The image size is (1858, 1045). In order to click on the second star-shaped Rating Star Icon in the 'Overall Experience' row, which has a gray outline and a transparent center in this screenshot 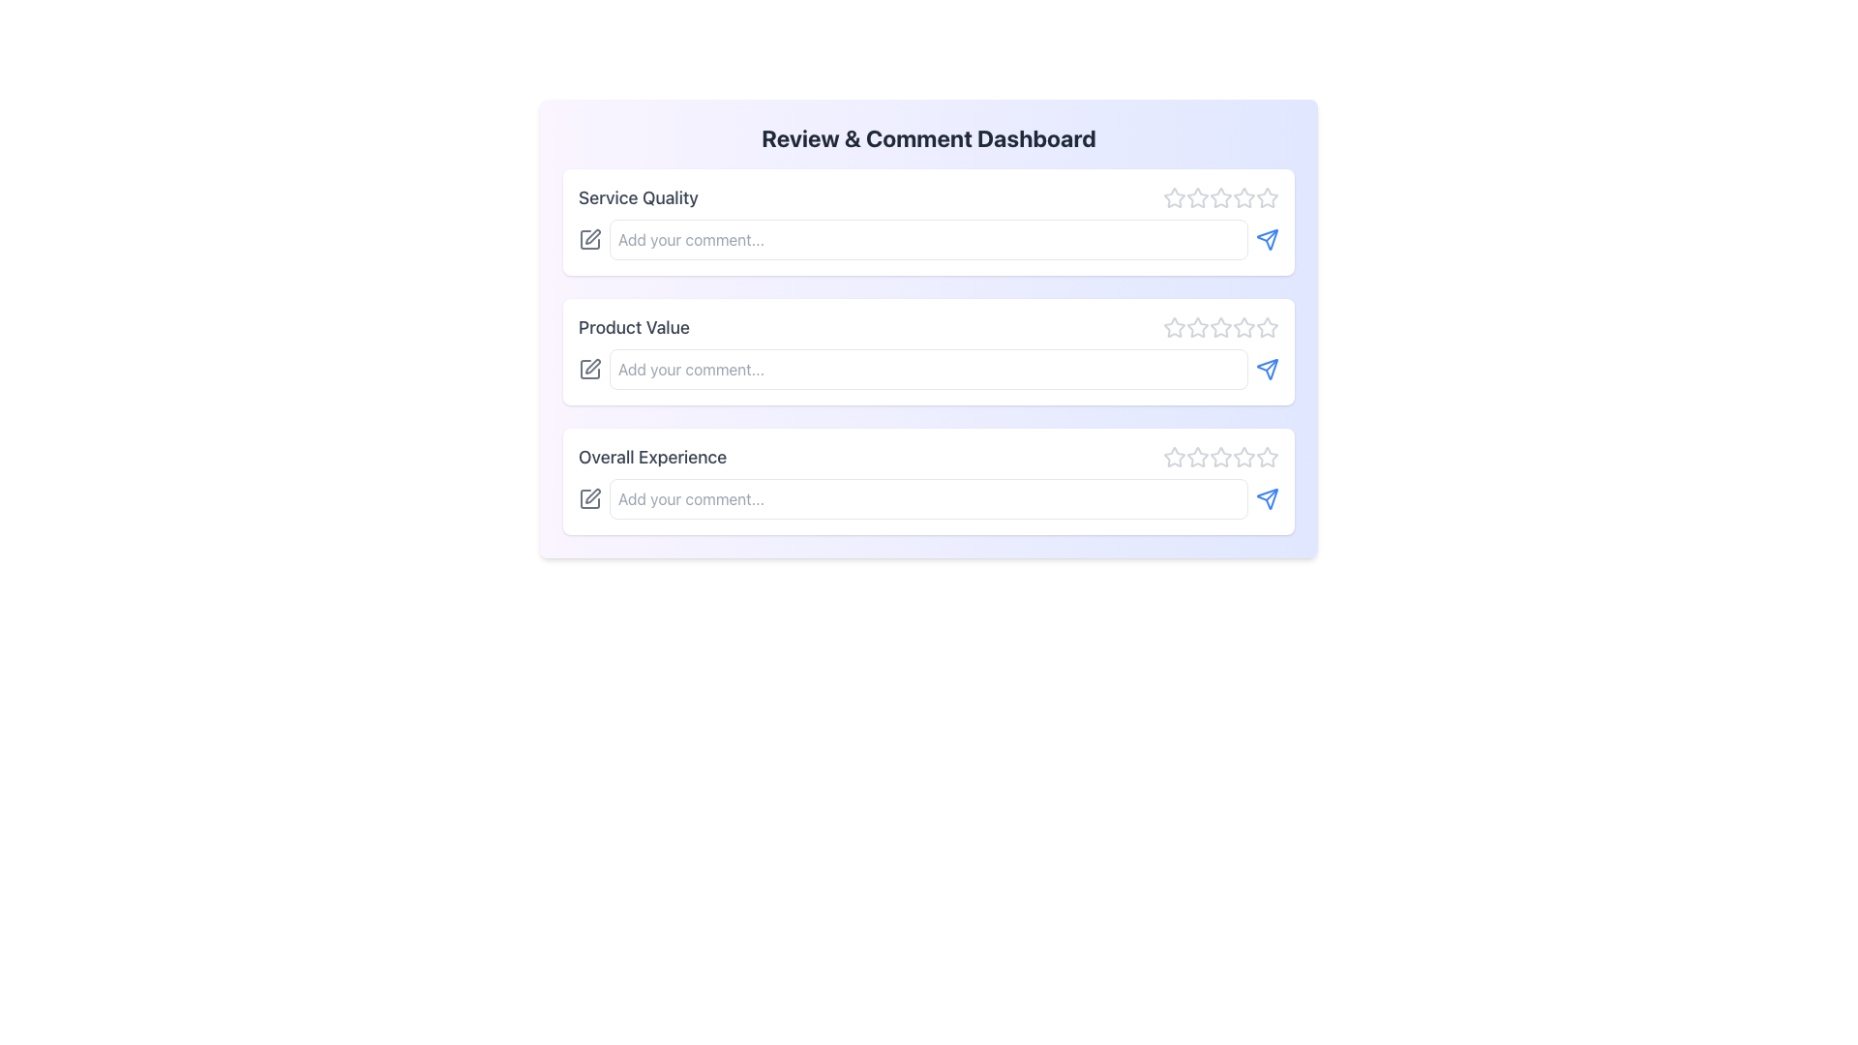, I will do `click(1197, 458)`.